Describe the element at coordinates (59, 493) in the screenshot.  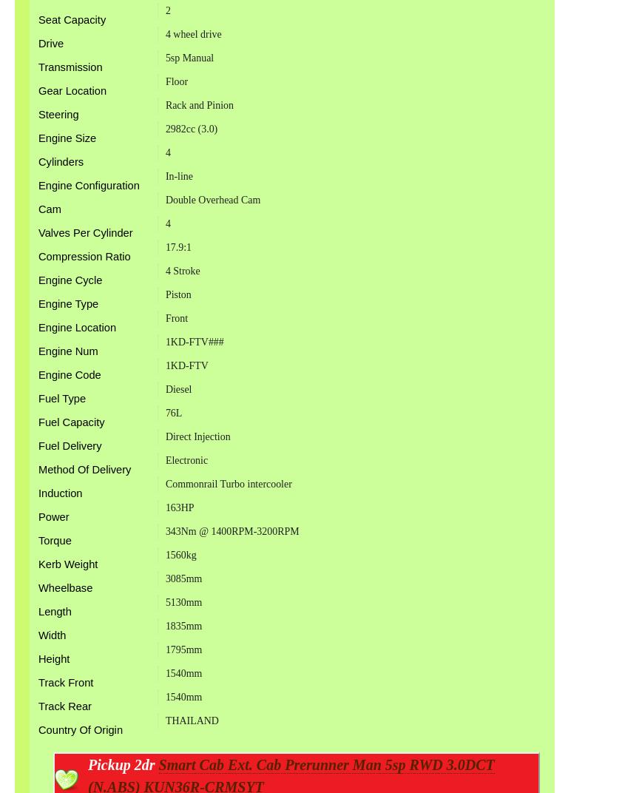
I see `'Induction'` at that location.